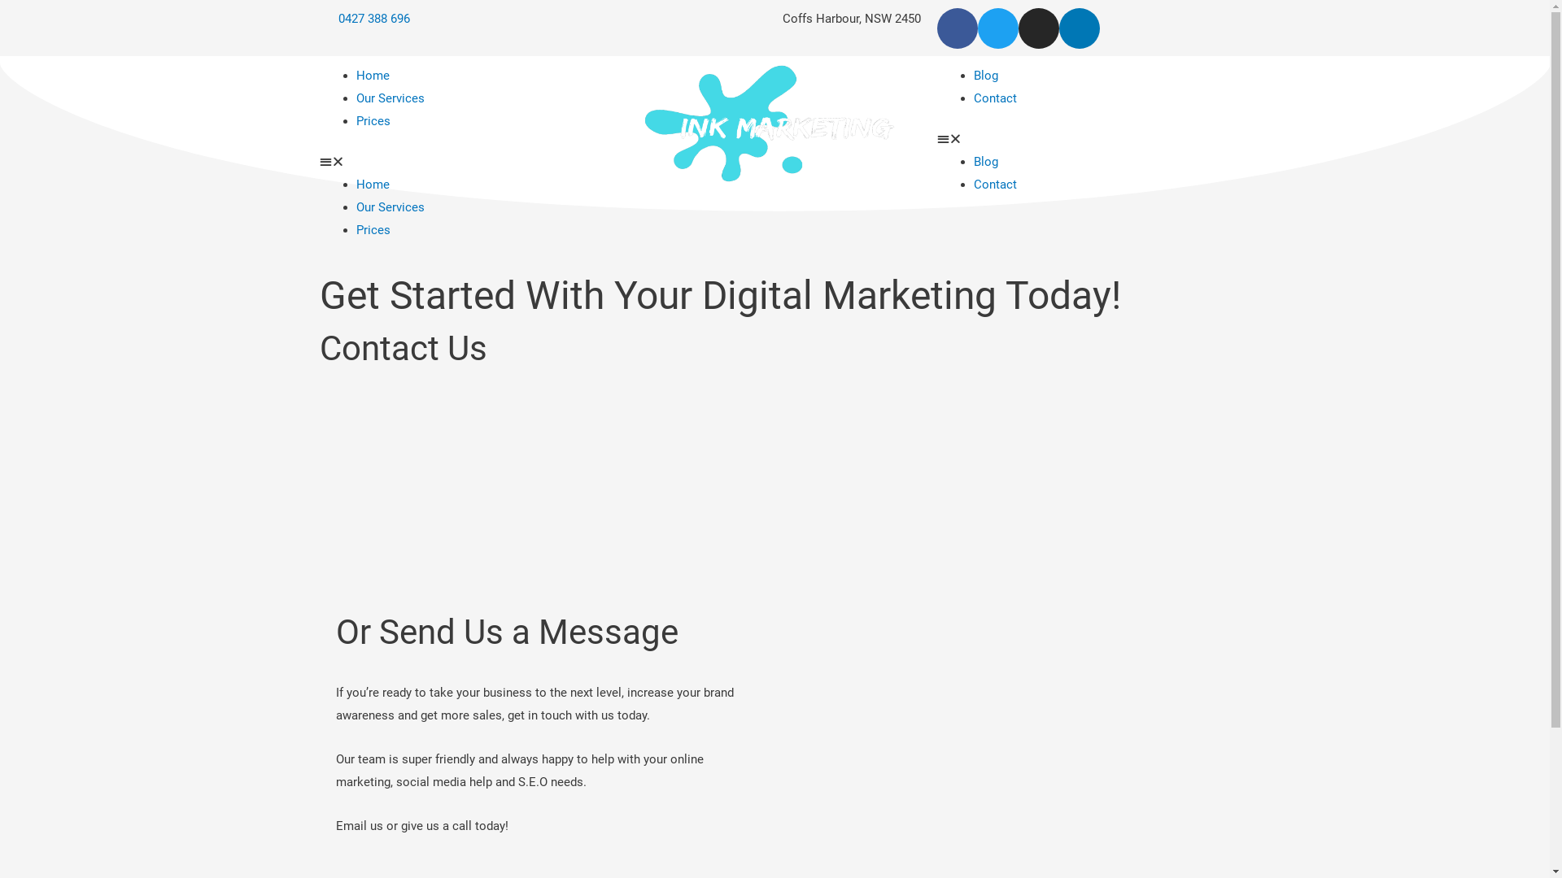 This screenshot has height=878, width=1562. Describe the element at coordinates (984, 75) in the screenshot. I see `'Blog'` at that location.